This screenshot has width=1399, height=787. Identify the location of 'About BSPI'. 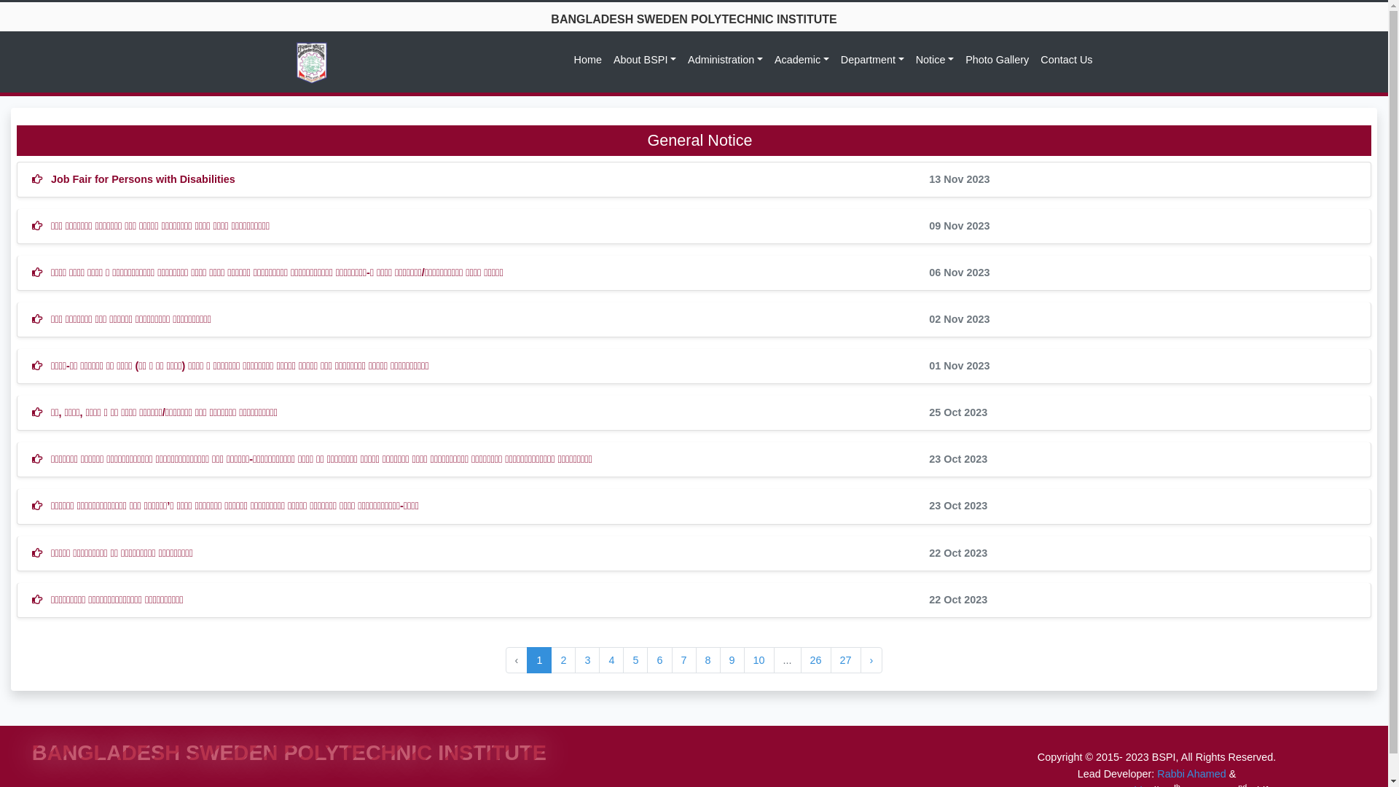
(643, 59).